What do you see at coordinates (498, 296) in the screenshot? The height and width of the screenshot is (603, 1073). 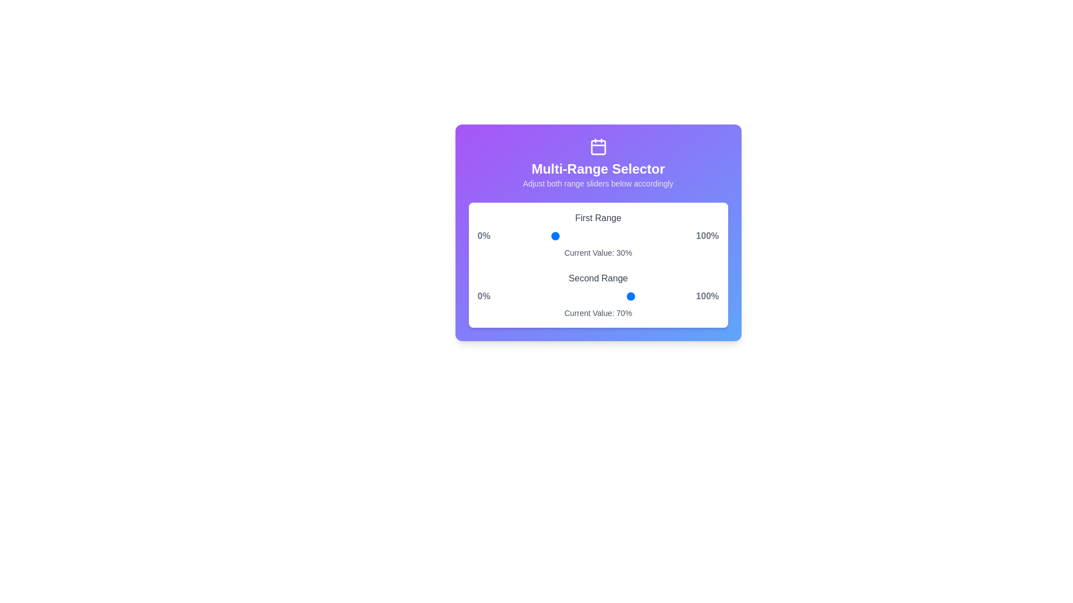 I see `the second slider range` at bounding box center [498, 296].